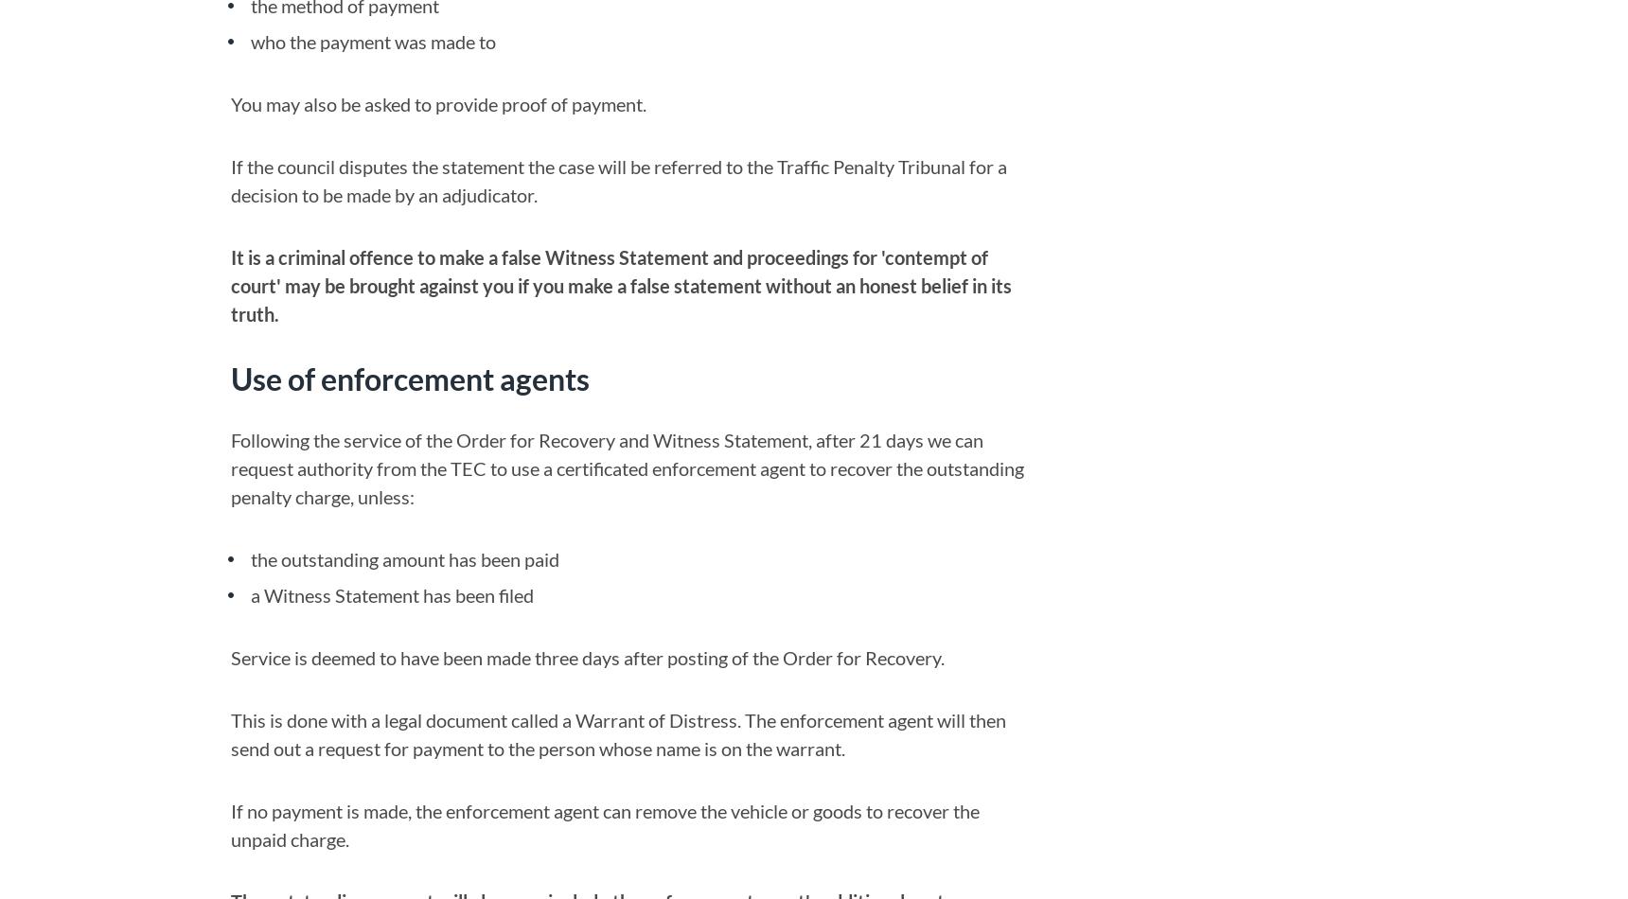  Describe the element at coordinates (618, 732) in the screenshot. I see `'This is done with a legal document called a Warrant of Distress. The enforcement agent will then send out a request for payment to the person whose name is on the warrant.'` at that location.